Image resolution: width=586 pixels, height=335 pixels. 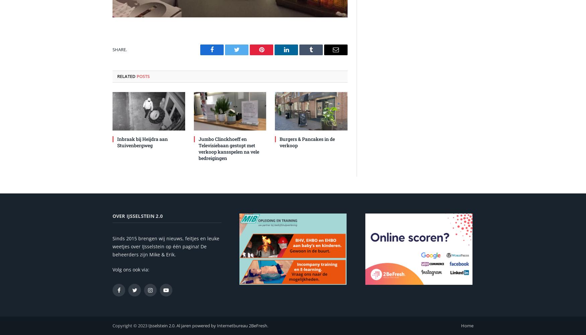 What do you see at coordinates (113, 246) in the screenshot?
I see `'Sinds 2015 brengen wij nieuws, feitjes en leuke weetjes over IJsselstein op één pagina! De beheerders zijn Mike & Erik.'` at bounding box center [113, 246].